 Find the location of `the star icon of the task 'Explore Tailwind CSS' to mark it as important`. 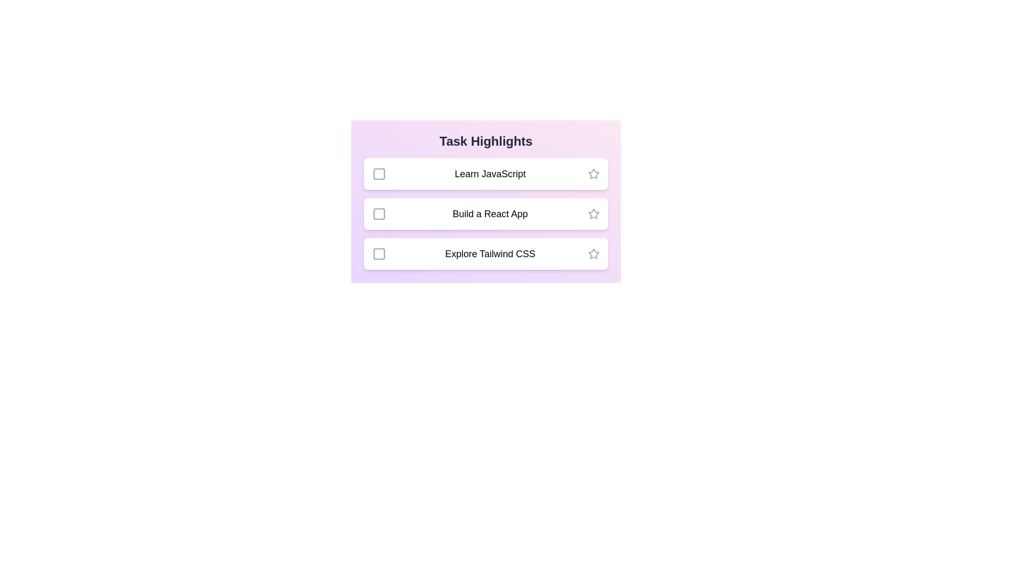

the star icon of the task 'Explore Tailwind CSS' to mark it as important is located at coordinates (593, 253).